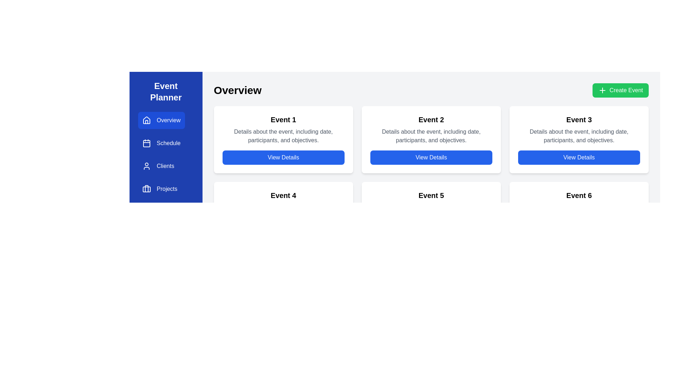 The image size is (687, 386). What do you see at coordinates (283, 136) in the screenshot?
I see `the text description that contains 'Details about the event, including date, participants, and objectives.' located below the 'Event 1' title in the first card of the grid layout` at bounding box center [283, 136].